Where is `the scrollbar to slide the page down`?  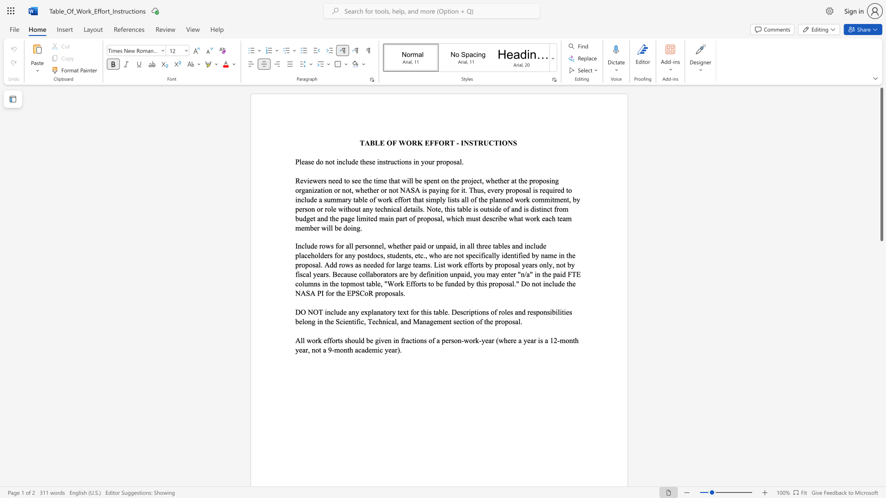
the scrollbar to slide the page down is located at coordinates (881, 373).